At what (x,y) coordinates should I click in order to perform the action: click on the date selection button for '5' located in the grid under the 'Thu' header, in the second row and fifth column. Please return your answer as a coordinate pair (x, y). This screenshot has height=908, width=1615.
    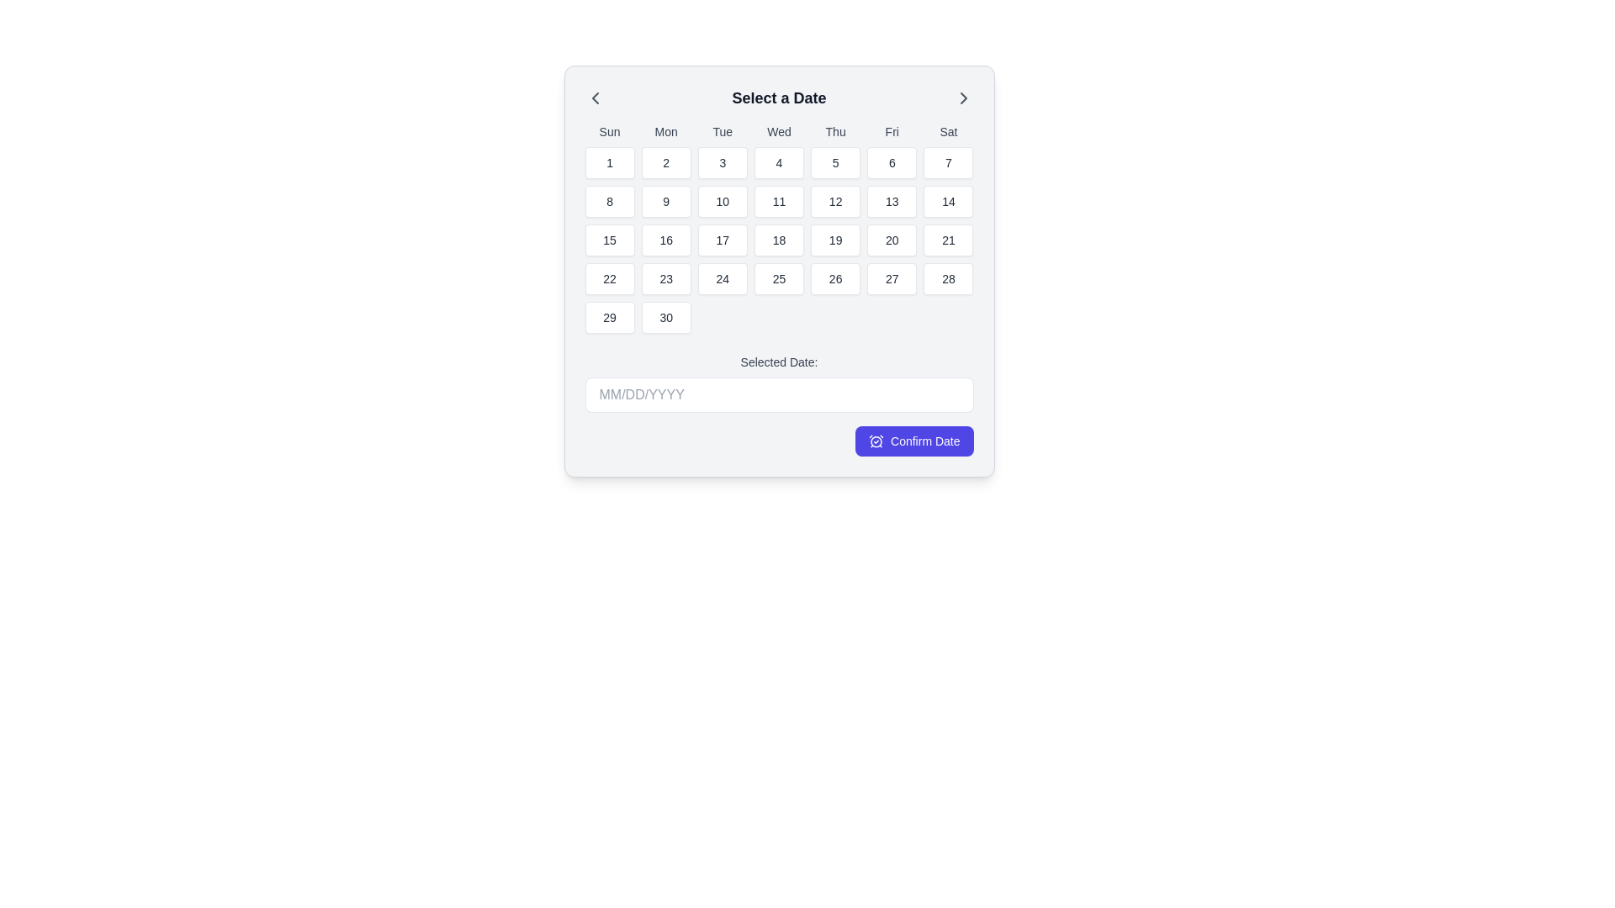
    Looking at the image, I should click on (835, 162).